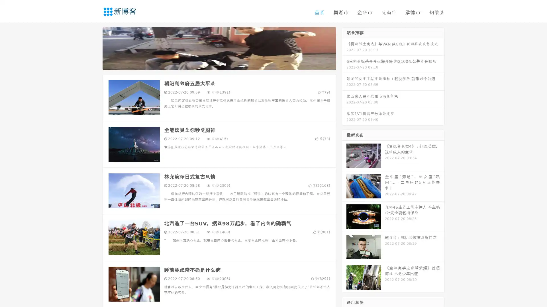  I want to click on Go to slide 3, so click(225, 64).